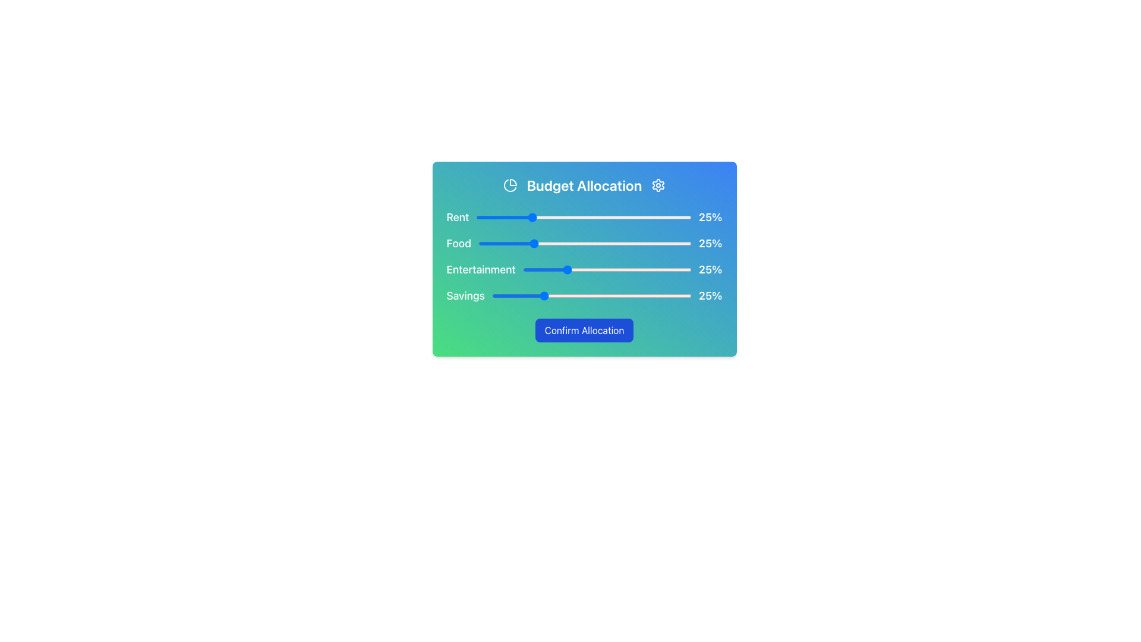  I want to click on the slider value, so click(594, 218).